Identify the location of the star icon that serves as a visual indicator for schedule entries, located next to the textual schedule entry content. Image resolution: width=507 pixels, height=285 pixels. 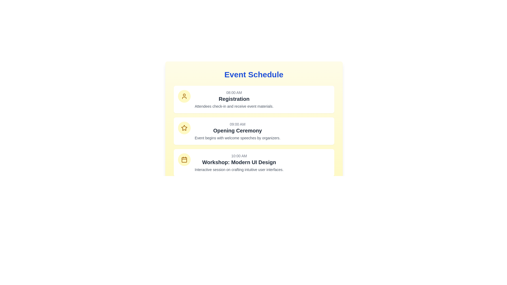
(184, 128).